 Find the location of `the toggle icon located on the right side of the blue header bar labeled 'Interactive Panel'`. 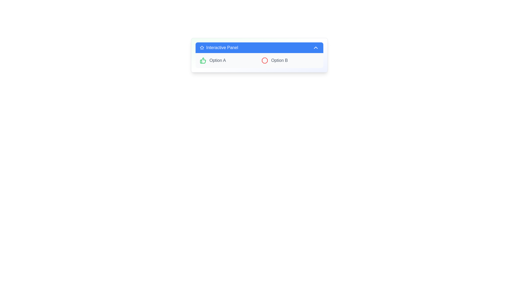

the toggle icon located on the right side of the blue header bar labeled 'Interactive Panel' is located at coordinates (316, 47).